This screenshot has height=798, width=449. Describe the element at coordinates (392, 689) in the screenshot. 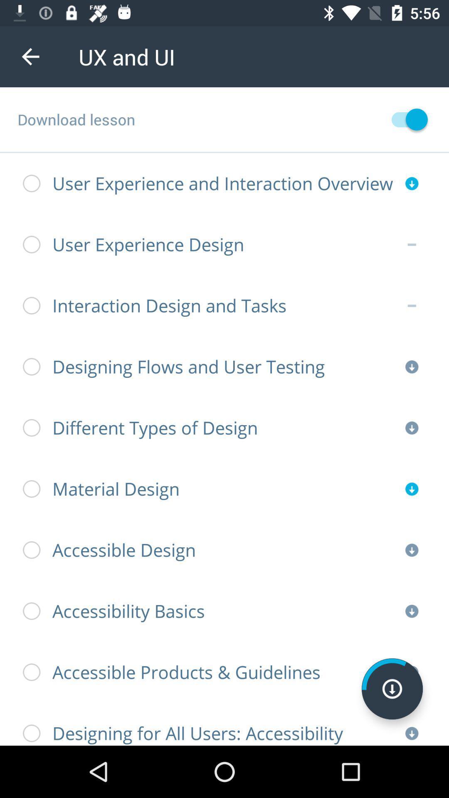

I see `the file_download icon` at that location.